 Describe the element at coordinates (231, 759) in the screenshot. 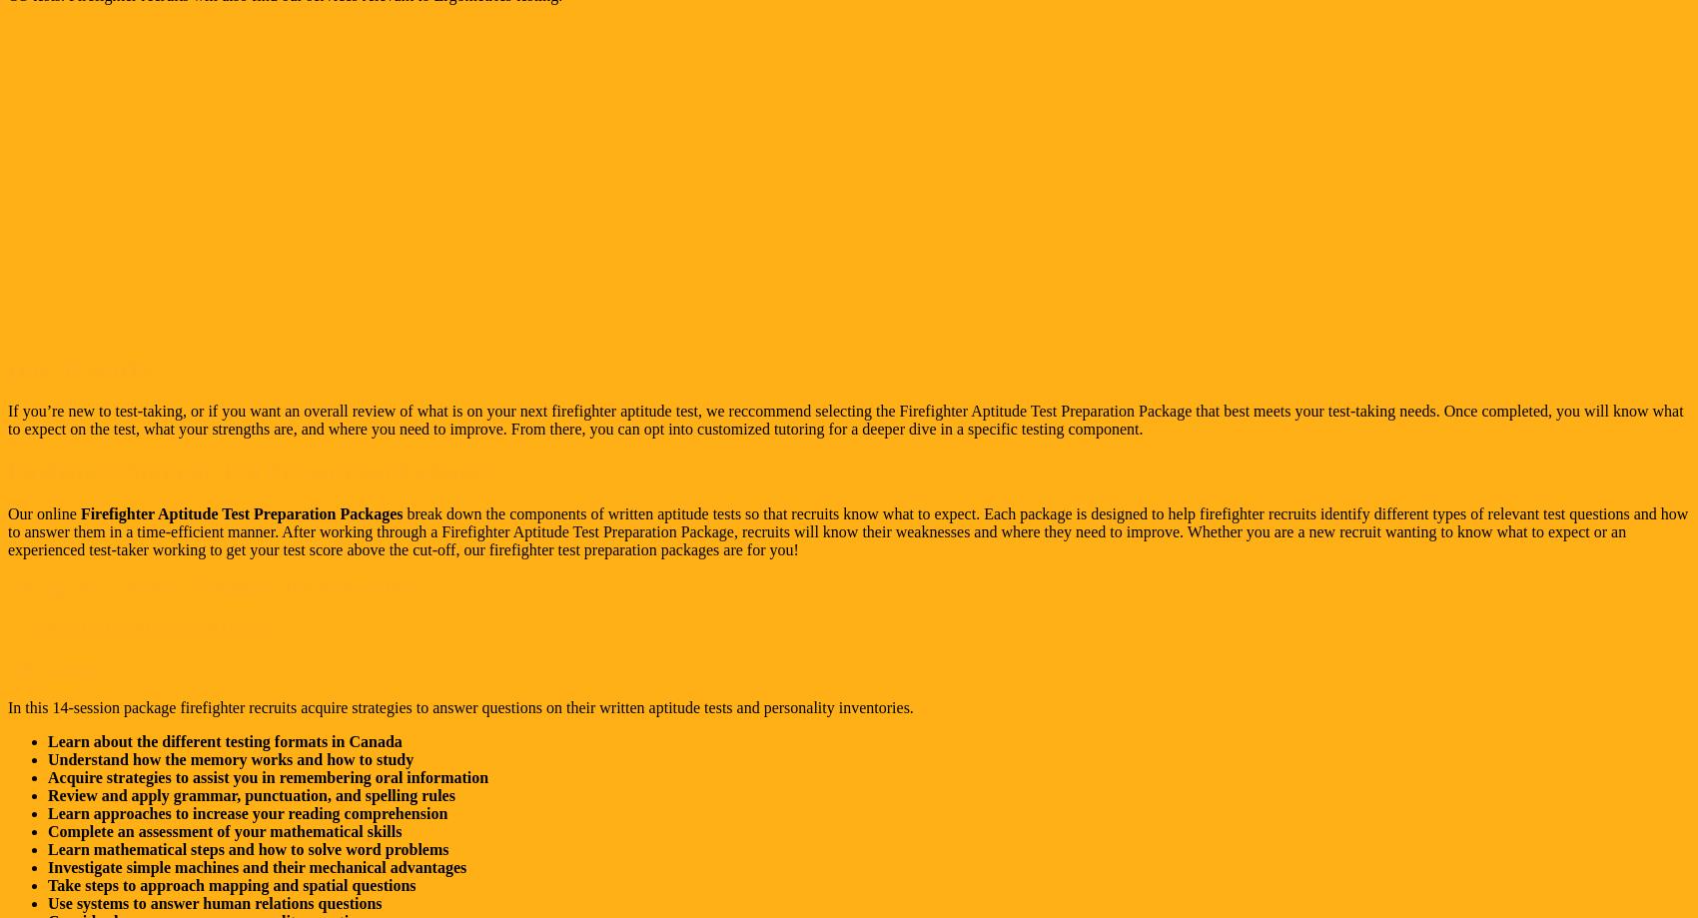

I see `'Understand how the memory works and how to study'` at that location.